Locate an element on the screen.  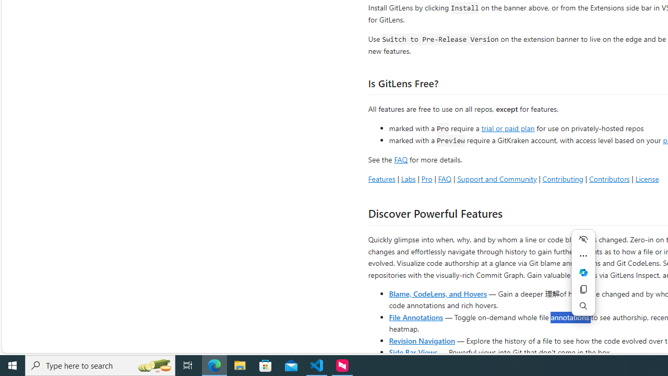
'Ask Copilot' is located at coordinates (583, 272).